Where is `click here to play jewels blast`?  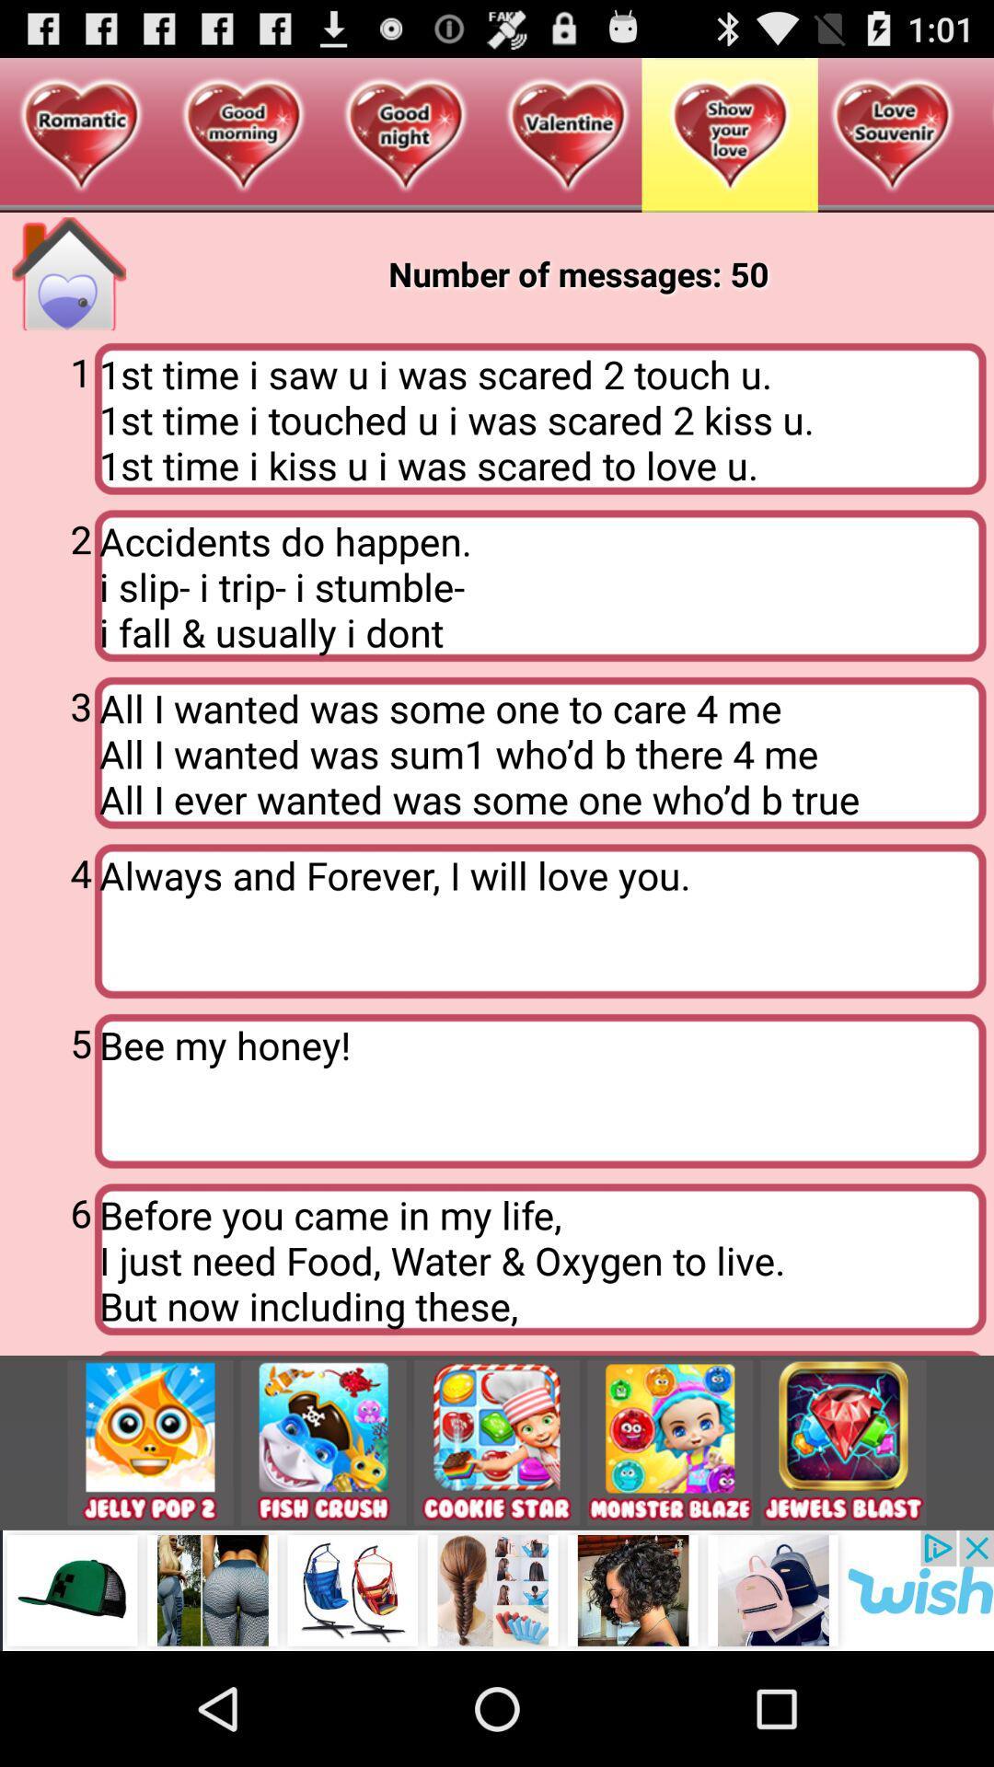
click here to play jewels blast is located at coordinates (843, 1441).